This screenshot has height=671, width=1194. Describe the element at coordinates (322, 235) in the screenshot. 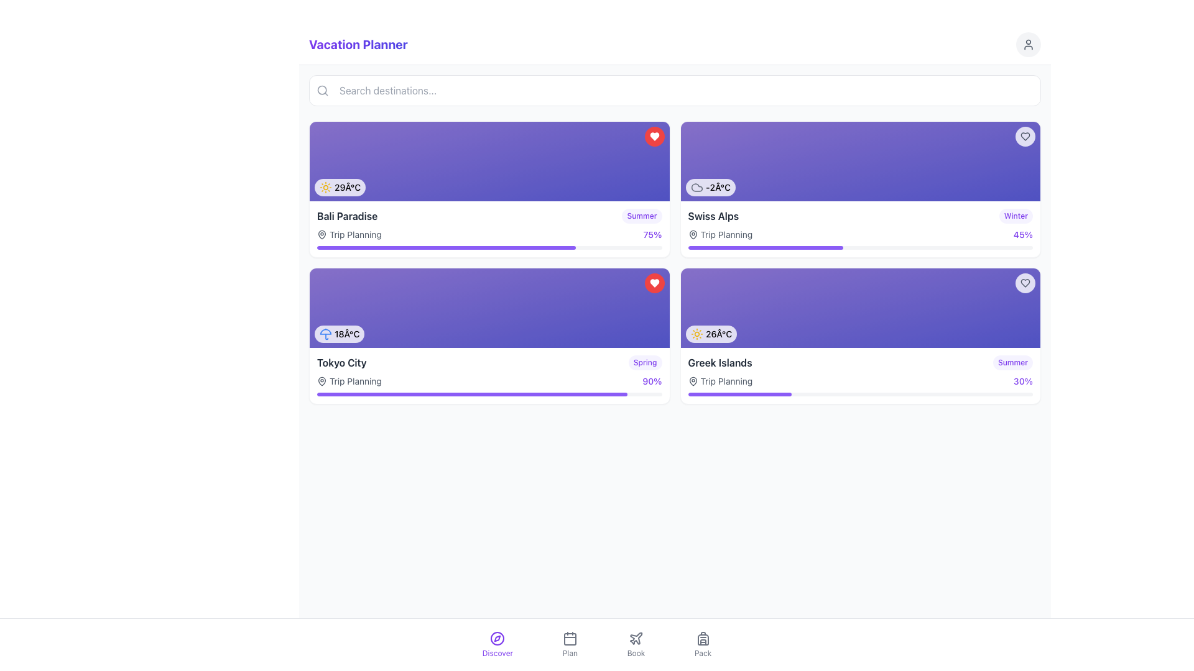

I see `the planning icon located within the 'Trip Planning' label, which visually represents planning or location-related topics` at that location.